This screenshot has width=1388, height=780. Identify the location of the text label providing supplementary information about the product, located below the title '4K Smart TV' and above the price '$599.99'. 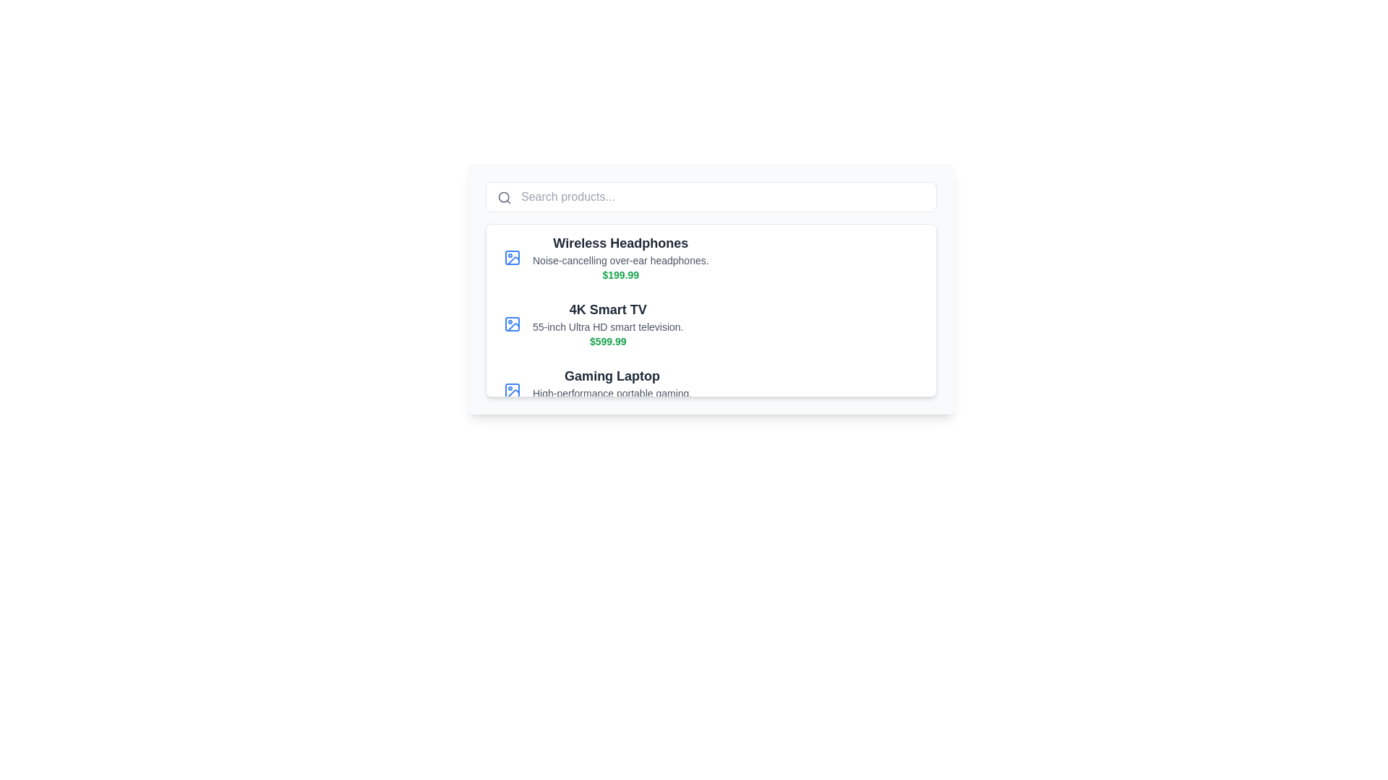
(608, 326).